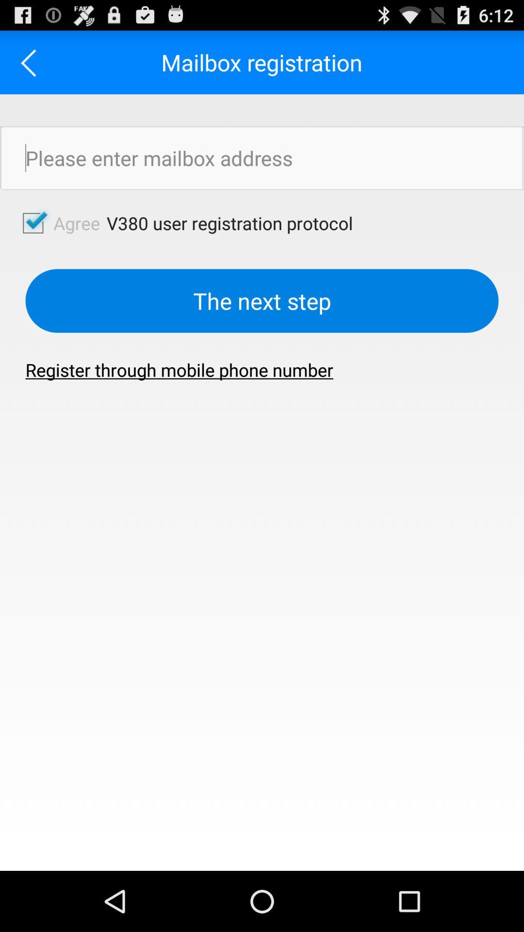 This screenshot has height=932, width=524. I want to click on agree to terms and conditions of registration, so click(31, 62).